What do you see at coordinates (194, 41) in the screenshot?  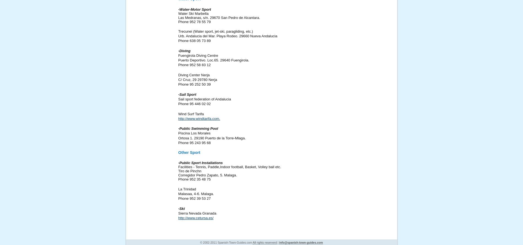 I see `'Phone 638 05 73 89'` at bounding box center [194, 41].